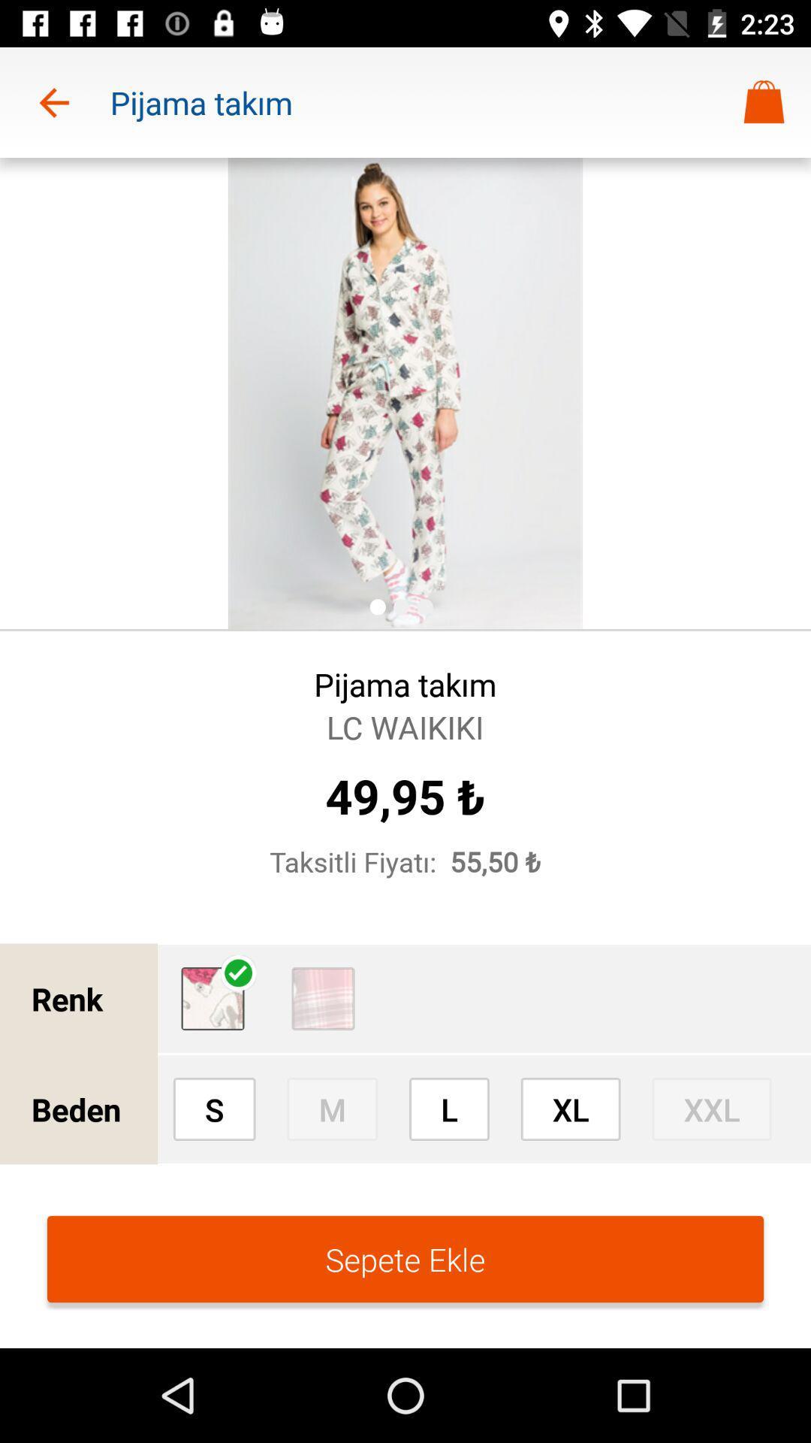 The image size is (811, 1443). Describe the element at coordinates (214, 1109) in the screenshot. I see `the icon to the right of beden icon` at that location.